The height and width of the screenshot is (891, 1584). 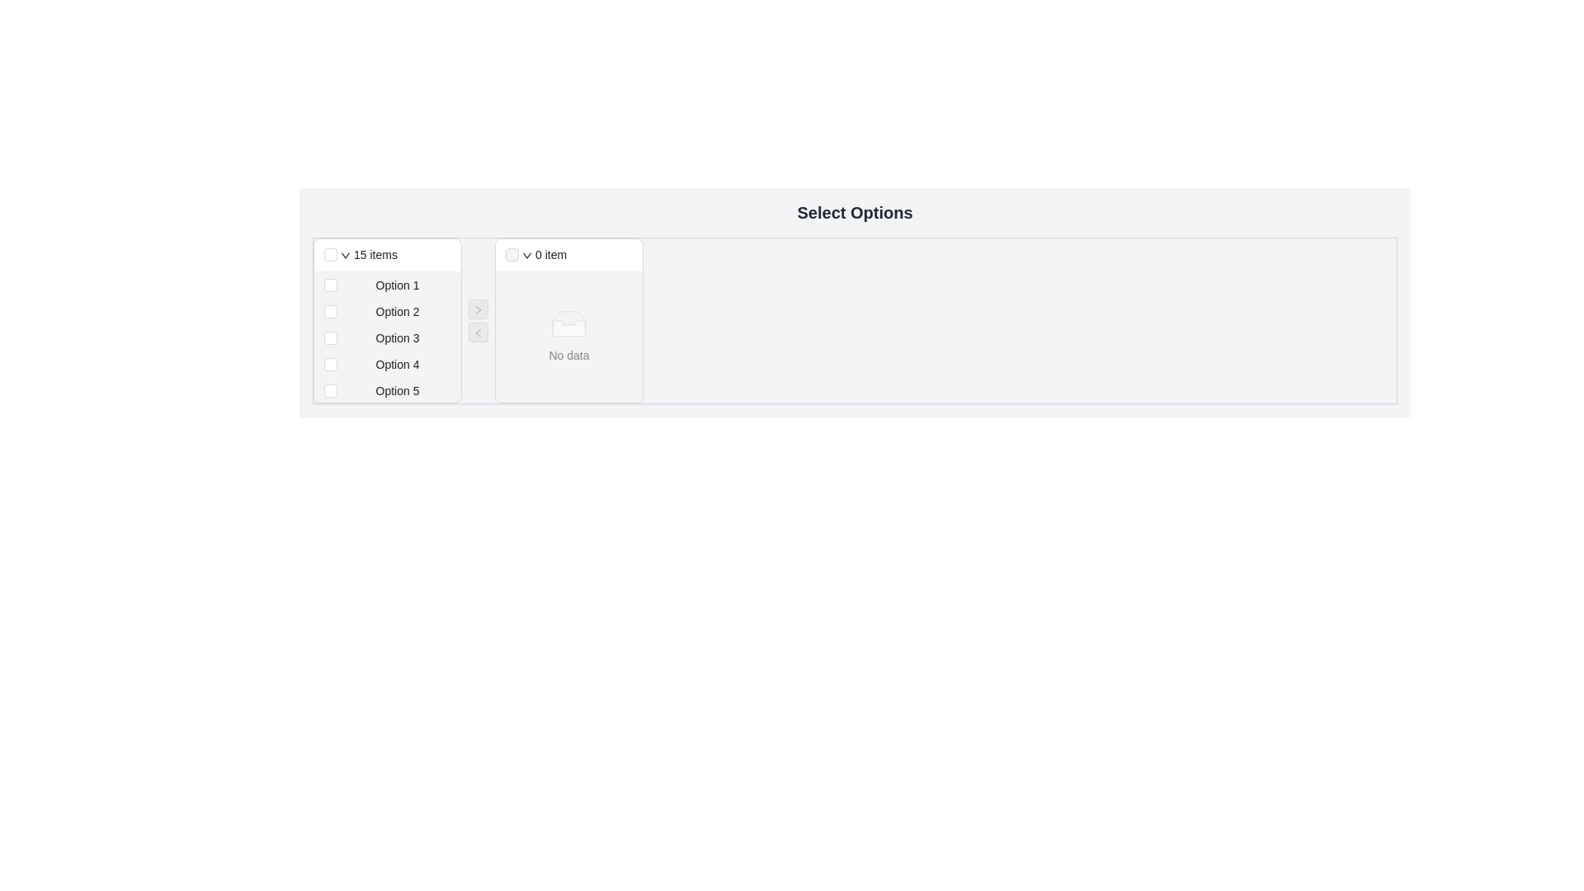 I want to click on the checkbox next to the labeled text 'Option 1', so click(x=387, y=285).